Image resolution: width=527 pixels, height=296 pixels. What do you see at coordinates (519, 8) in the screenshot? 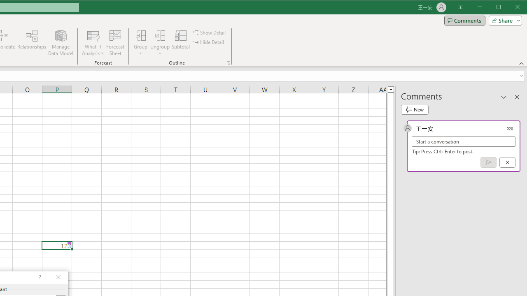
I see `'Close'` at bounding box center [519, 8].